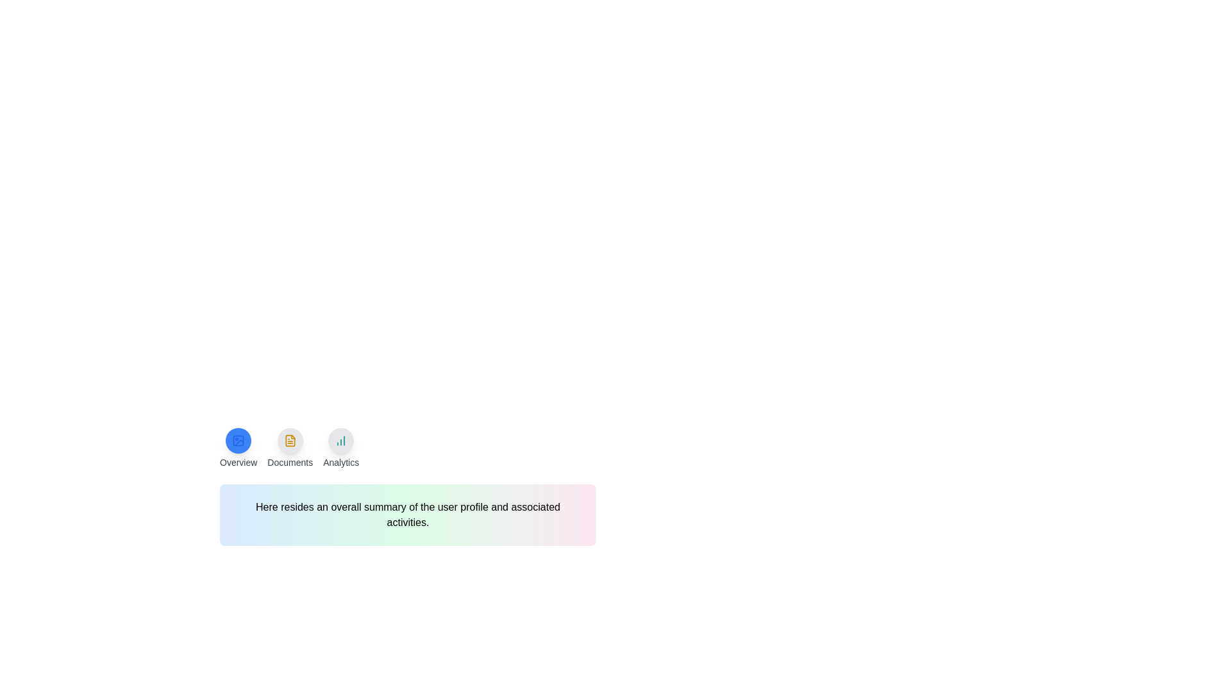  What do you see at coordinates (239, 440) in the screenshot?
I see `the leftmost button component with an icon at the top center of the interface for tooltip or visual feedback` at bounding box center [239, 440].